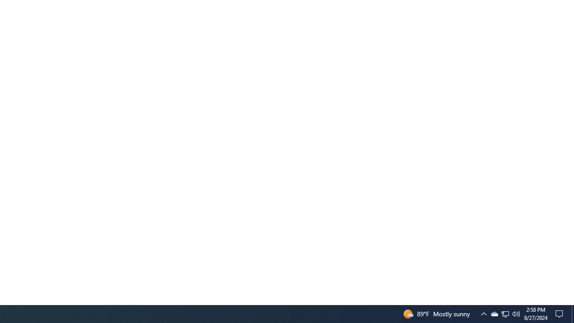 Image resolution: width=574 pixels, height=323 pixels. What do you see at coordinates (505, 313) in the screenshot?
I see `'User Promoted Notification Area'` at bounding box center [505, 313].